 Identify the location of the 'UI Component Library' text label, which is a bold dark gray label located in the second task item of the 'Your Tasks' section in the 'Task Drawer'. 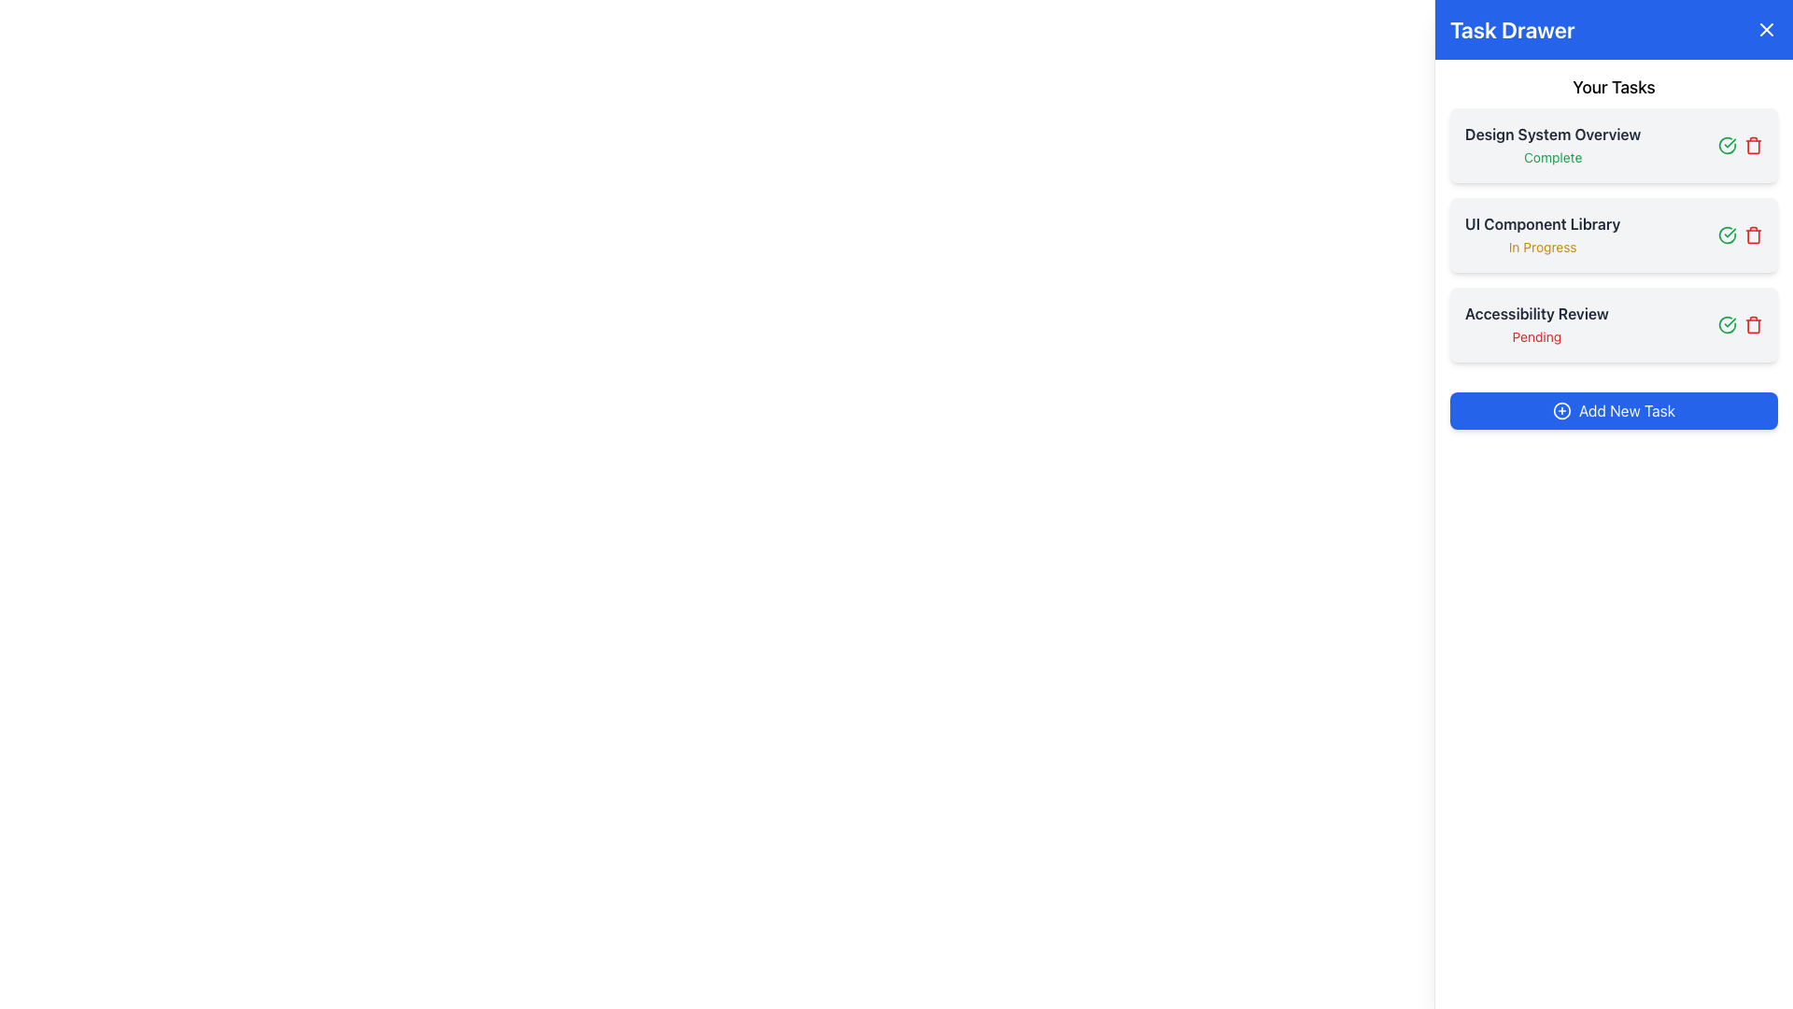
(1542, 222).